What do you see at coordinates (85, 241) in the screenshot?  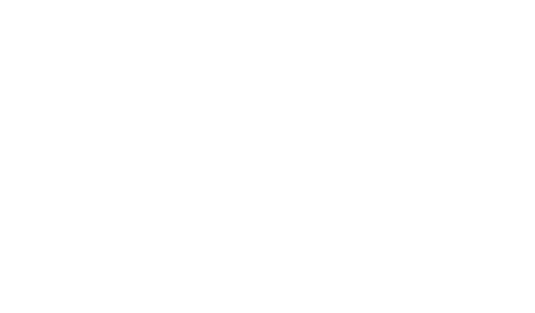 I see `'7 Comments'` at bounding box center [85, 241].